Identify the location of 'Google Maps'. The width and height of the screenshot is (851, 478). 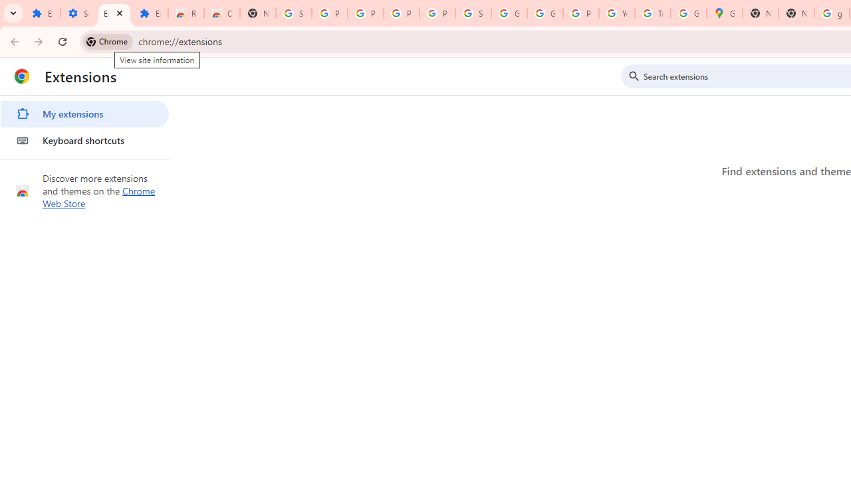
(723, 13).